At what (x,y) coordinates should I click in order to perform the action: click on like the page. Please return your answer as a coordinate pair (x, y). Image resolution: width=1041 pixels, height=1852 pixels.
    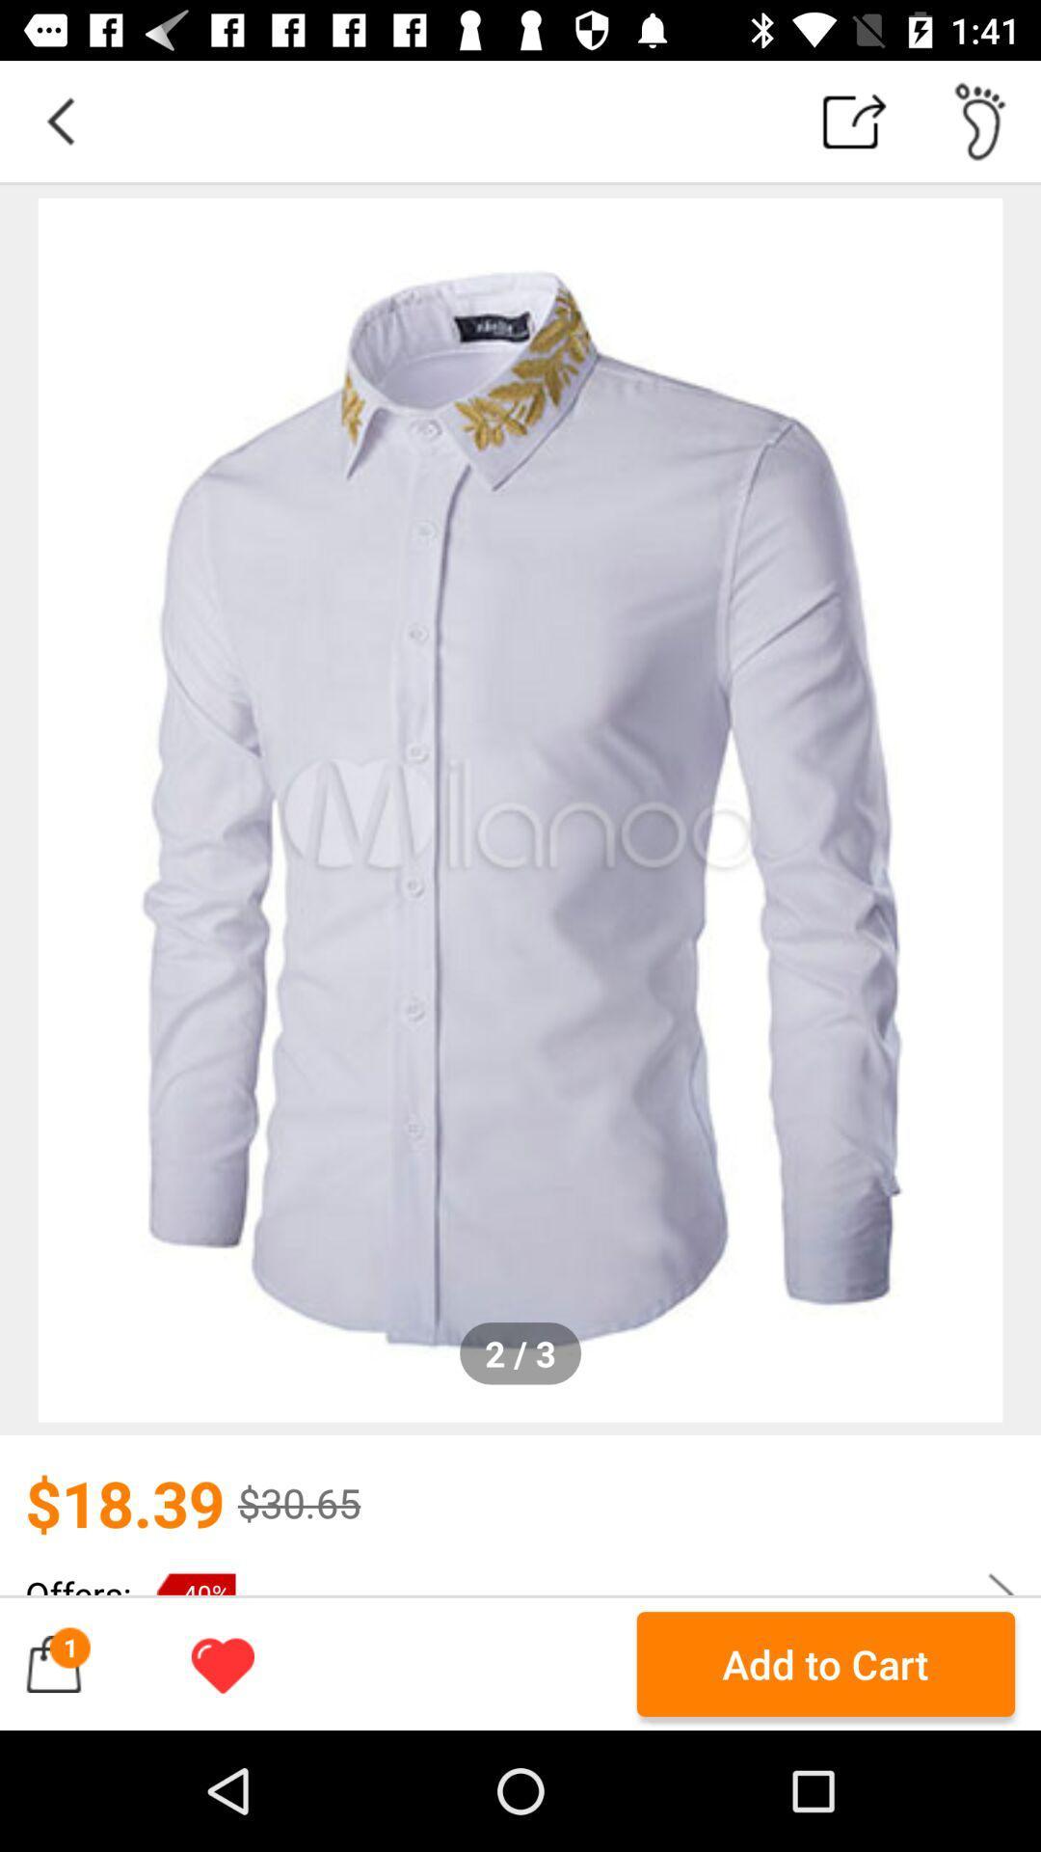
    Looking at the image, I should click on (222, 1663).